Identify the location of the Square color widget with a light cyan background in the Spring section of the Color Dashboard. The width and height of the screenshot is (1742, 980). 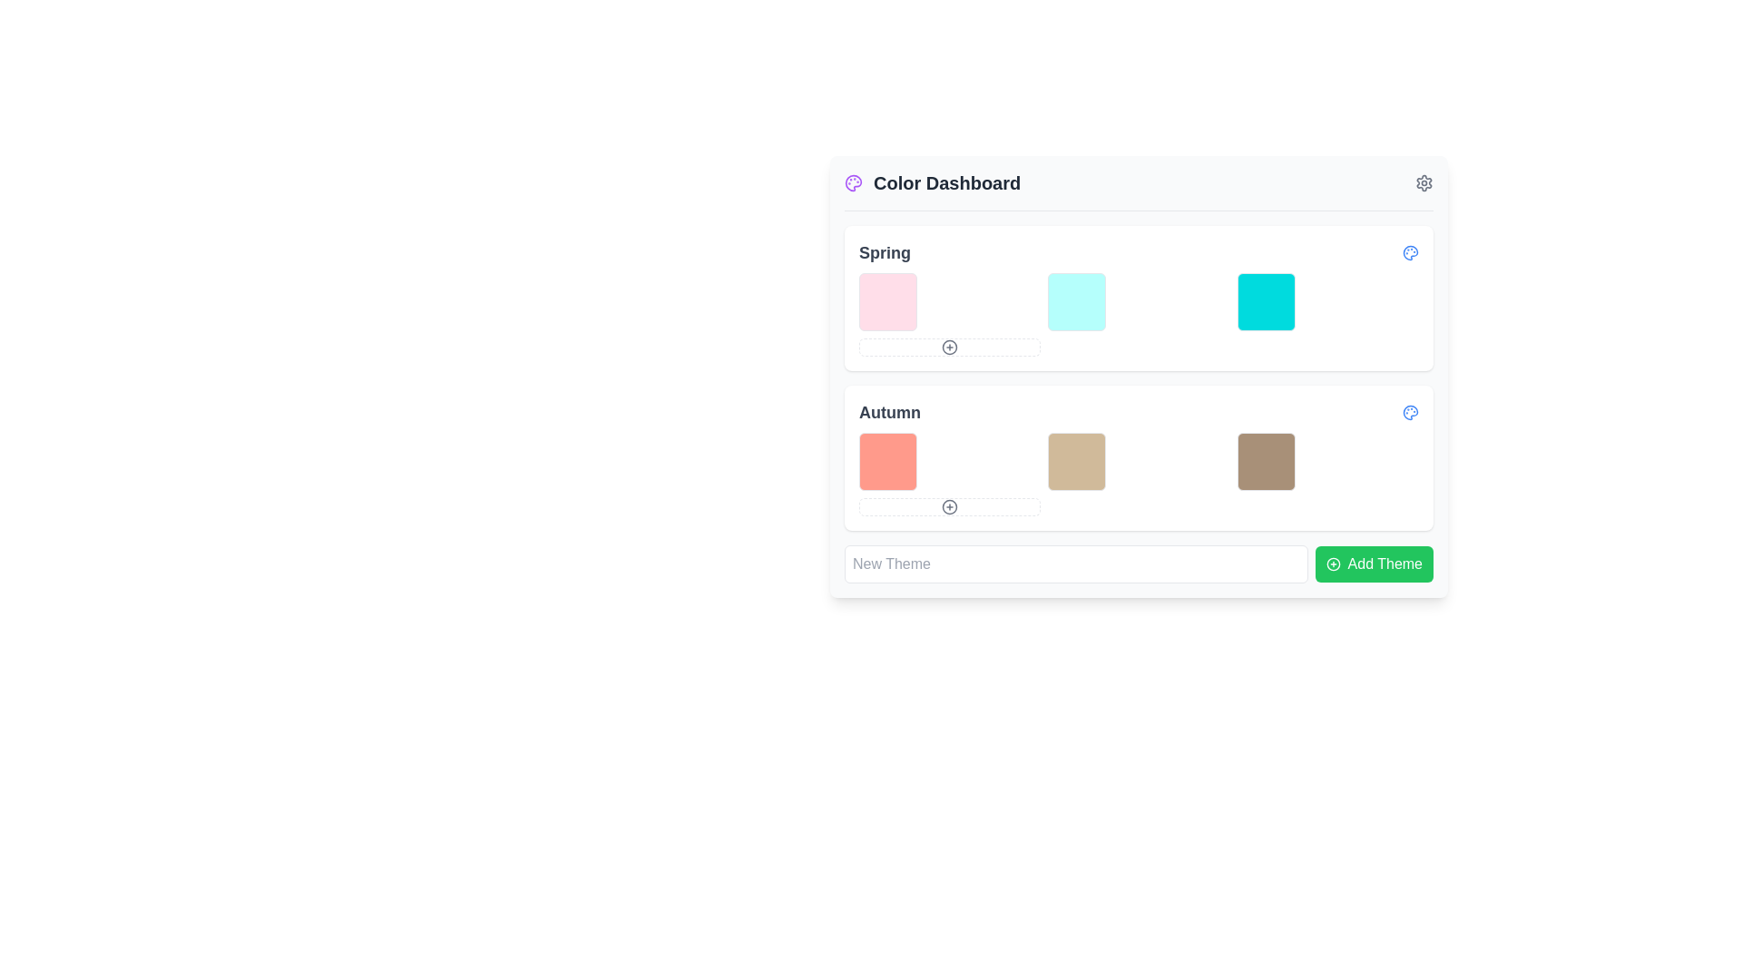
(1077, 300).